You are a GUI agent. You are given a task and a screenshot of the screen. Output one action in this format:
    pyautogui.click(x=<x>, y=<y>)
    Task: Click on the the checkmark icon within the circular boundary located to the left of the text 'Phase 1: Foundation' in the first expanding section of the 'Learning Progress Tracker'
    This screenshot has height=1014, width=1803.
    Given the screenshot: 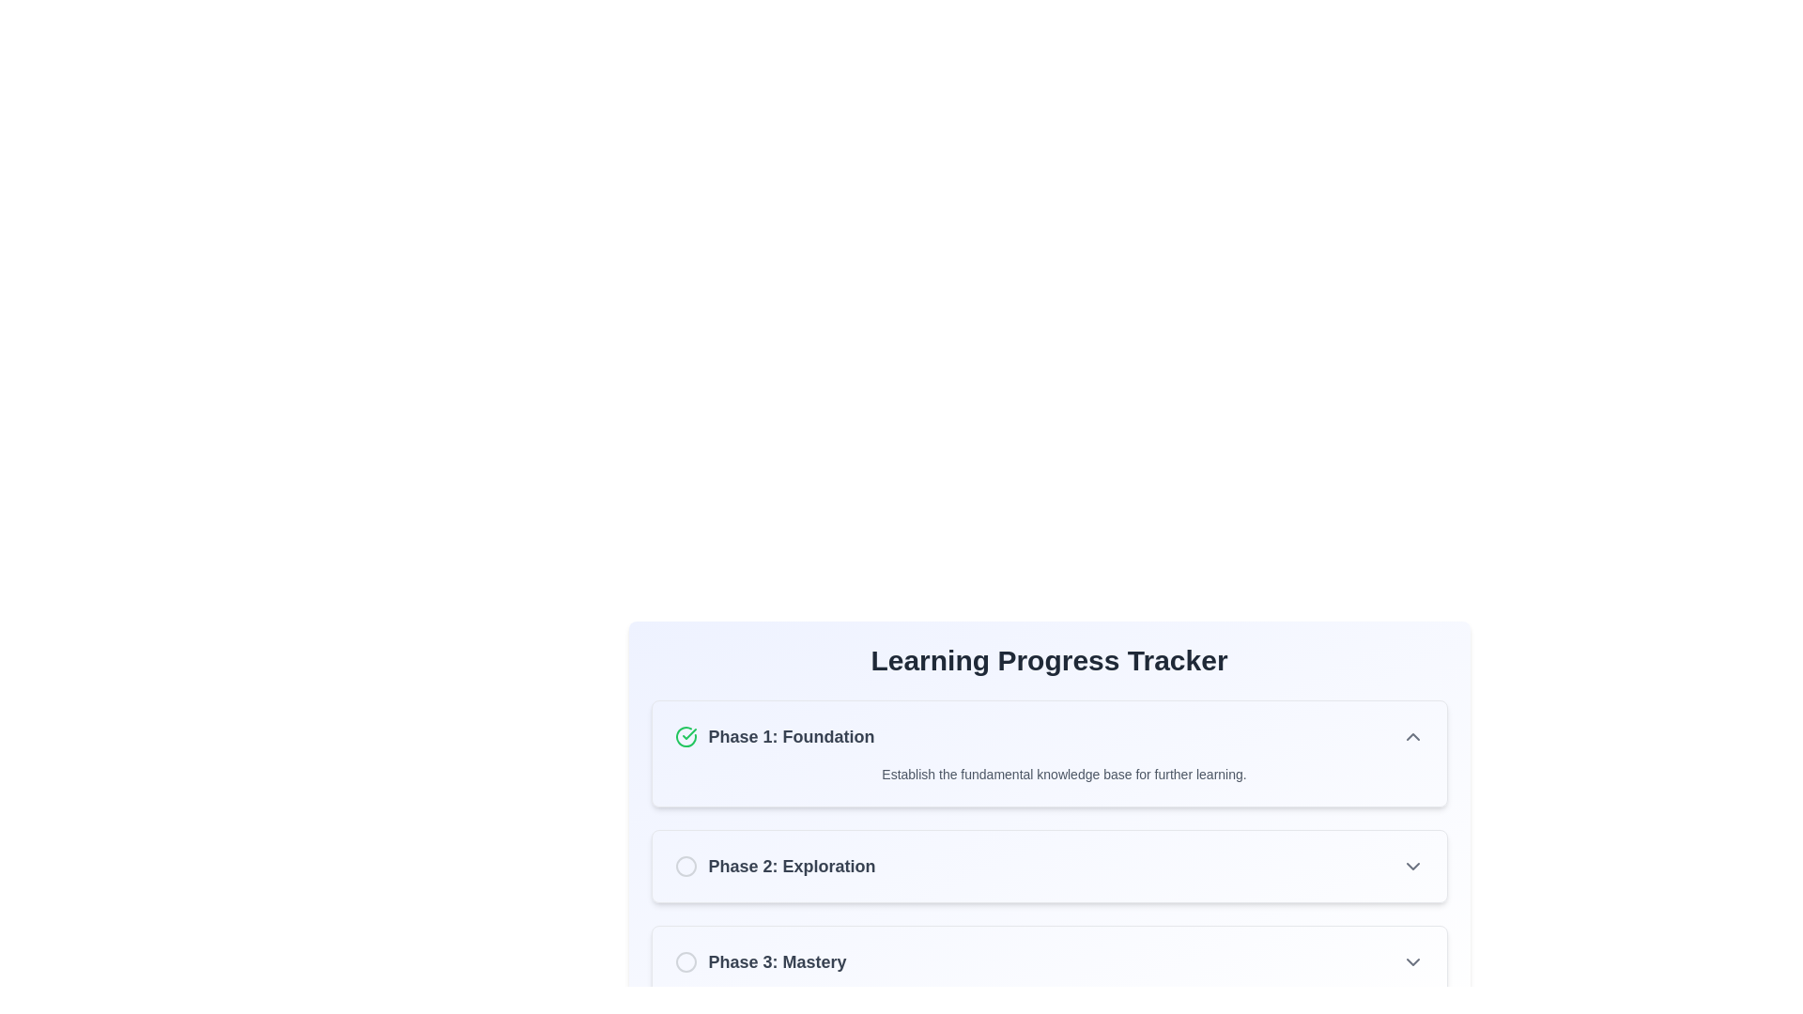 What is the action you would take?
    pyautogui.click(x=688, y=733)
    